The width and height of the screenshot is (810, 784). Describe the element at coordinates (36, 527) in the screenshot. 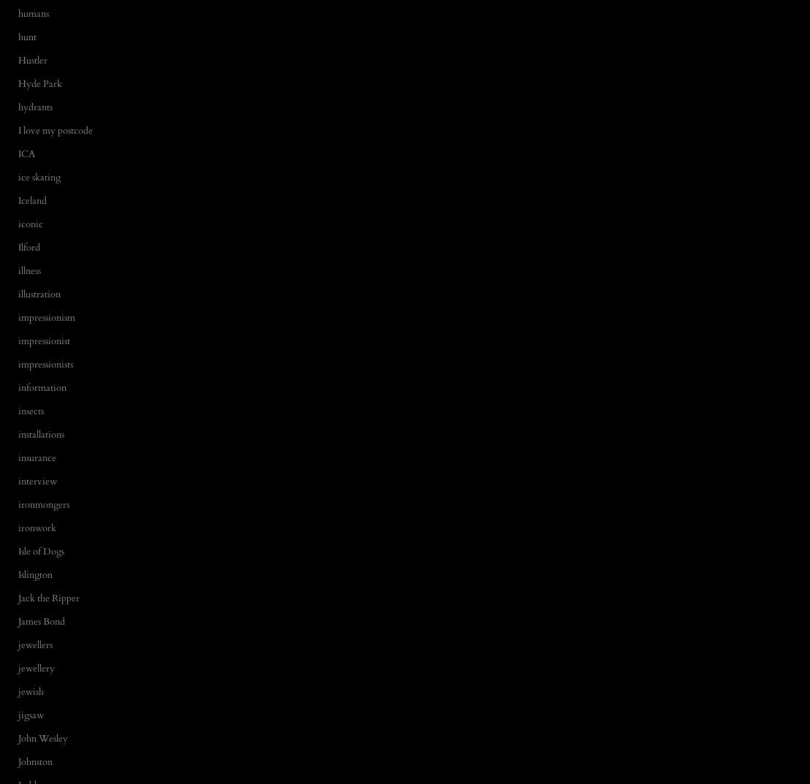

I see `'ironwork'` at that location.